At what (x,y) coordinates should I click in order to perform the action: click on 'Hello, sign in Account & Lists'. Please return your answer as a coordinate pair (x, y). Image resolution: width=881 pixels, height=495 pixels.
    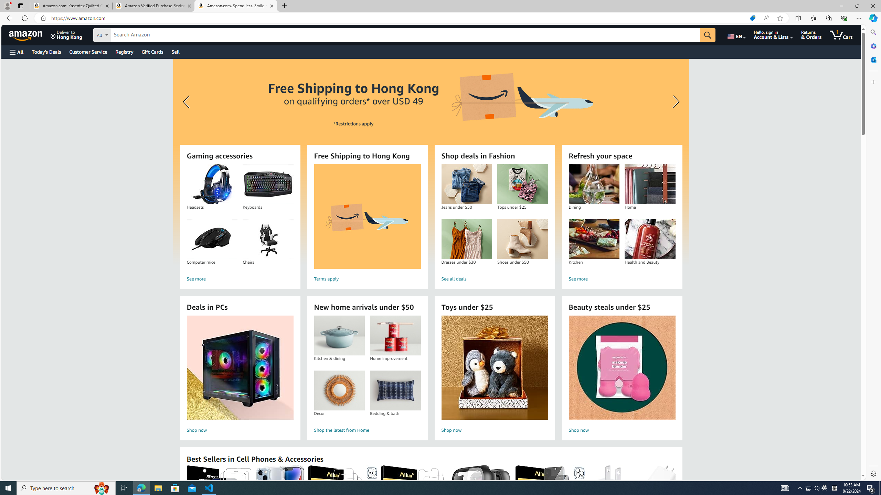
    Looking at the image, I should click on (773, 34).